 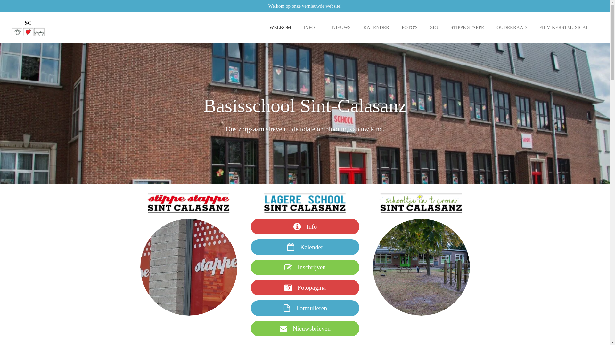 What do you see at coordinates (312, 27) in the screenshot?
I see `'INFO'` at bounding box center [312, 27].